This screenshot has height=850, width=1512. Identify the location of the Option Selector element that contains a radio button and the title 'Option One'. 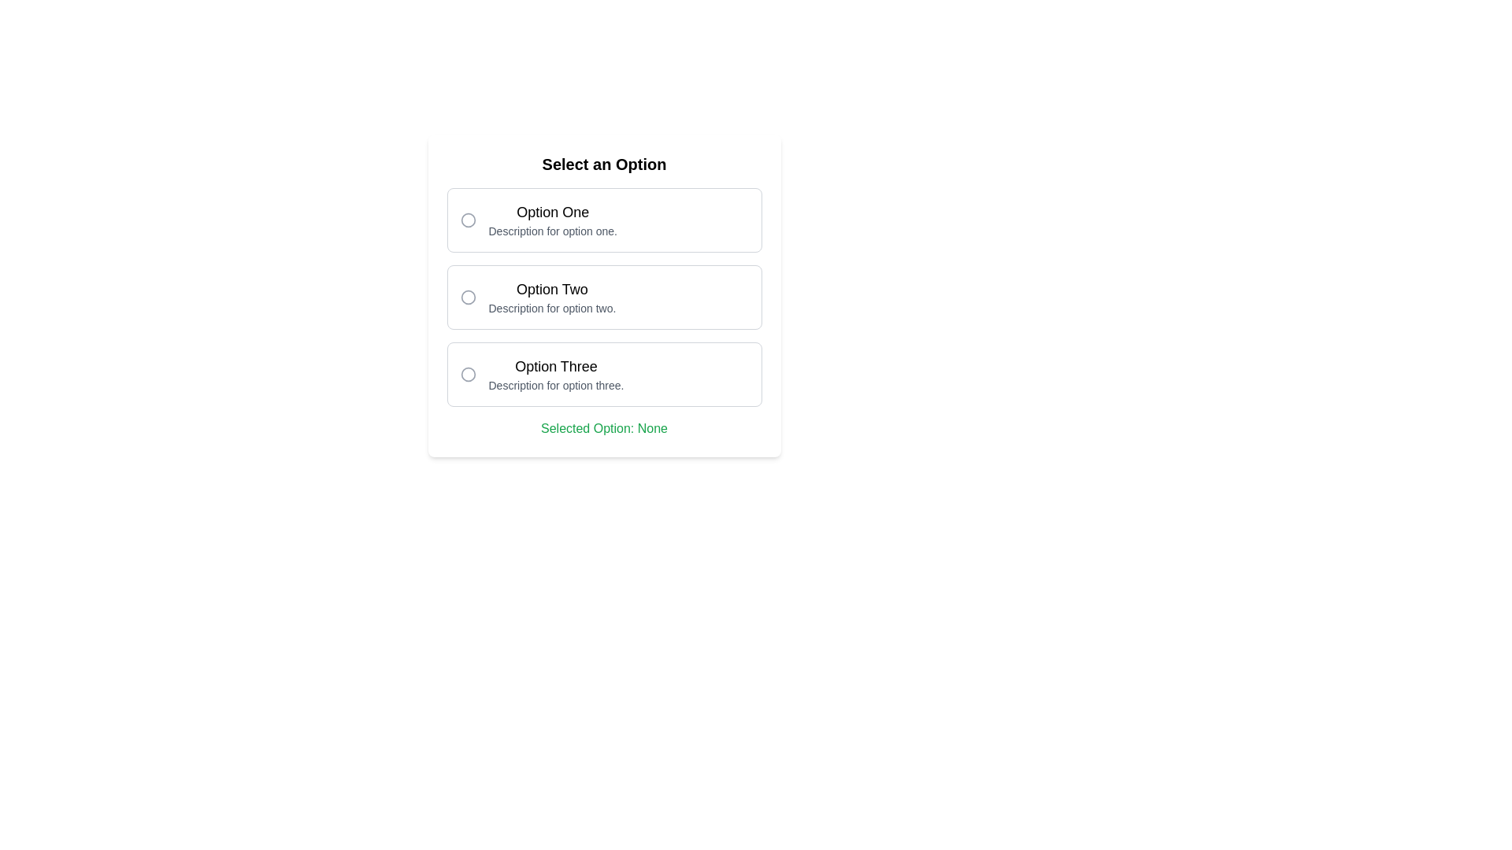
(603, 220).